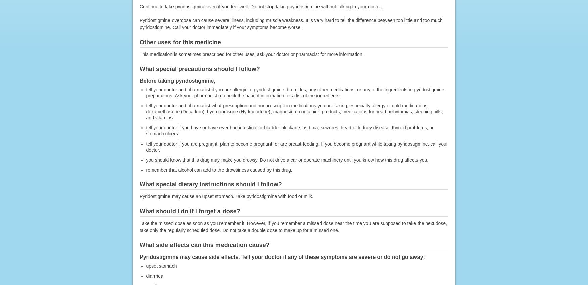  What do you see at coordinates (295, 92) in the screenshot?
I see `'tell your doctor and pharmacist if you are allergic to pyridostigmine, bromides, any other medications, or any of the ingredients in pyridostigmine preparations. Ask your pharmacist or check the patient information for a list of the ingredients.'` at bounding box center [295, 92].